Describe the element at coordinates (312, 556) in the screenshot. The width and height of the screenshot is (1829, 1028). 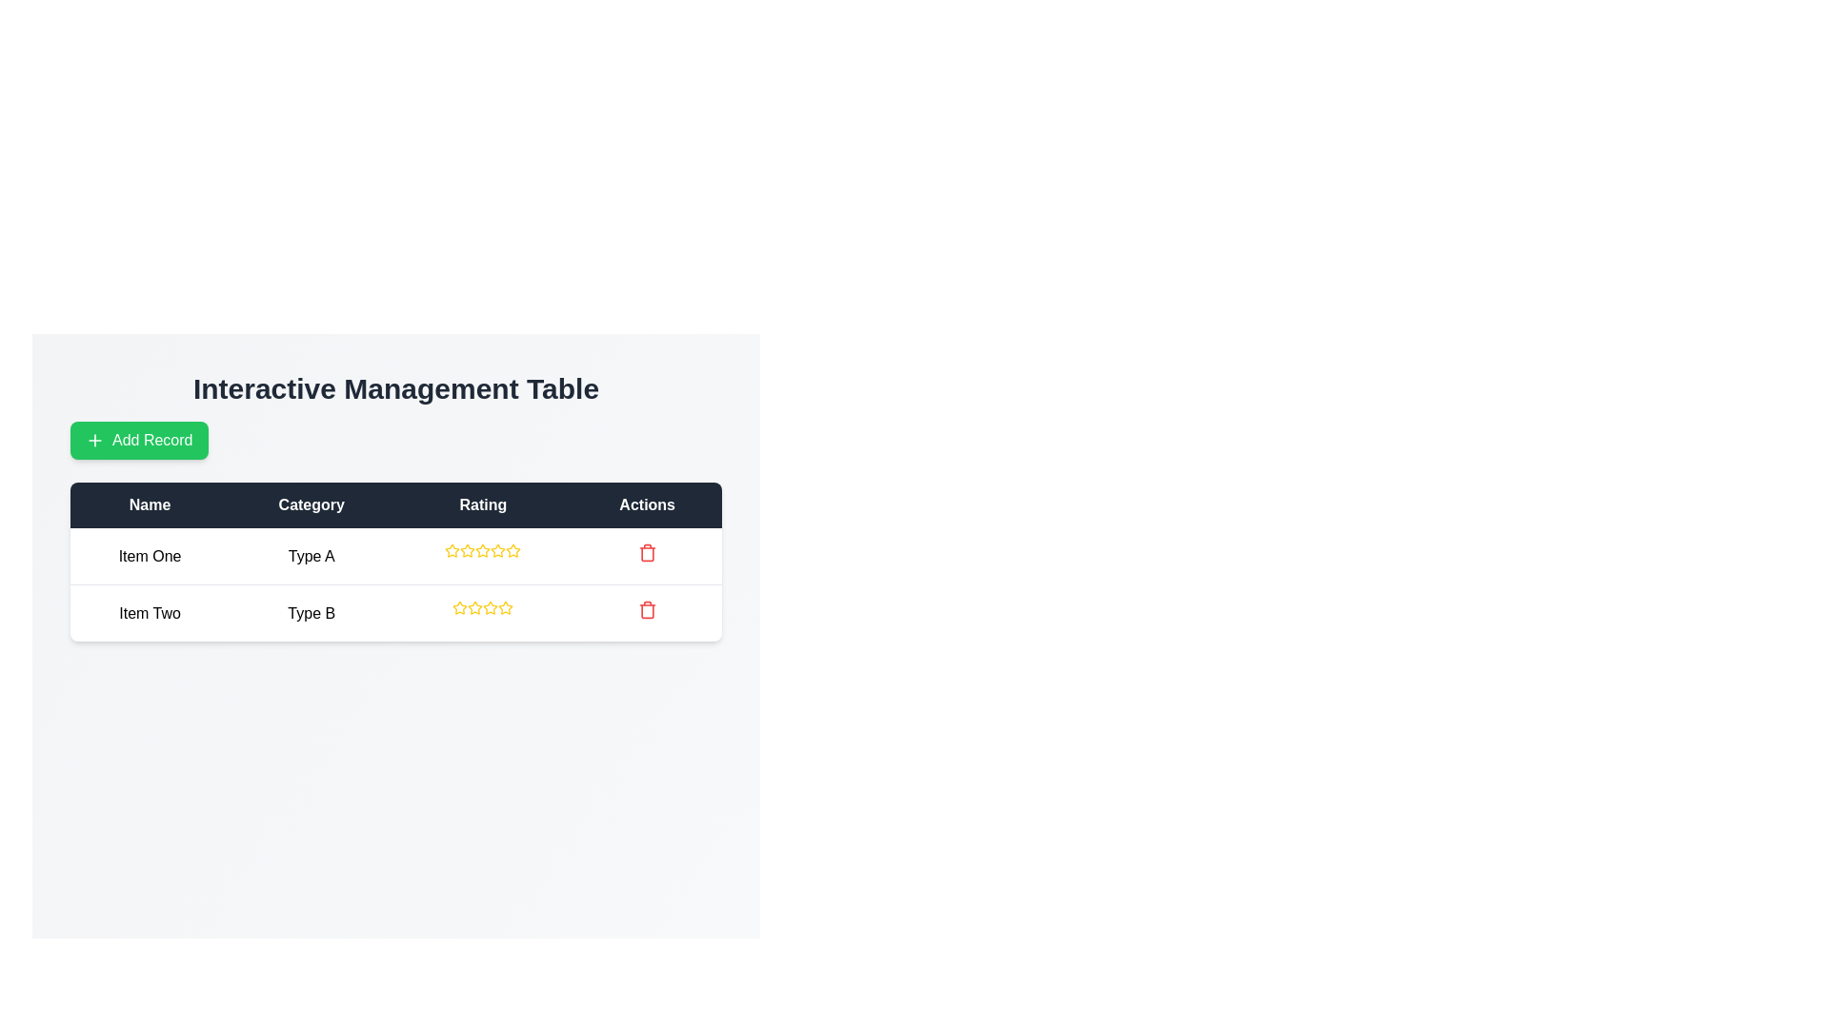
I see `the Static Text Label displaying 'Type A' in the 'Category' column of the table, which aligns with 'Item One'` at that location.